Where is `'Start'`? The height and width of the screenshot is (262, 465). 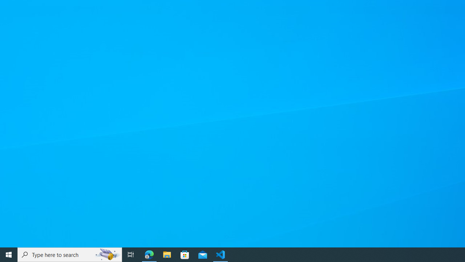 'Start' is located at coordinates (9, 254).